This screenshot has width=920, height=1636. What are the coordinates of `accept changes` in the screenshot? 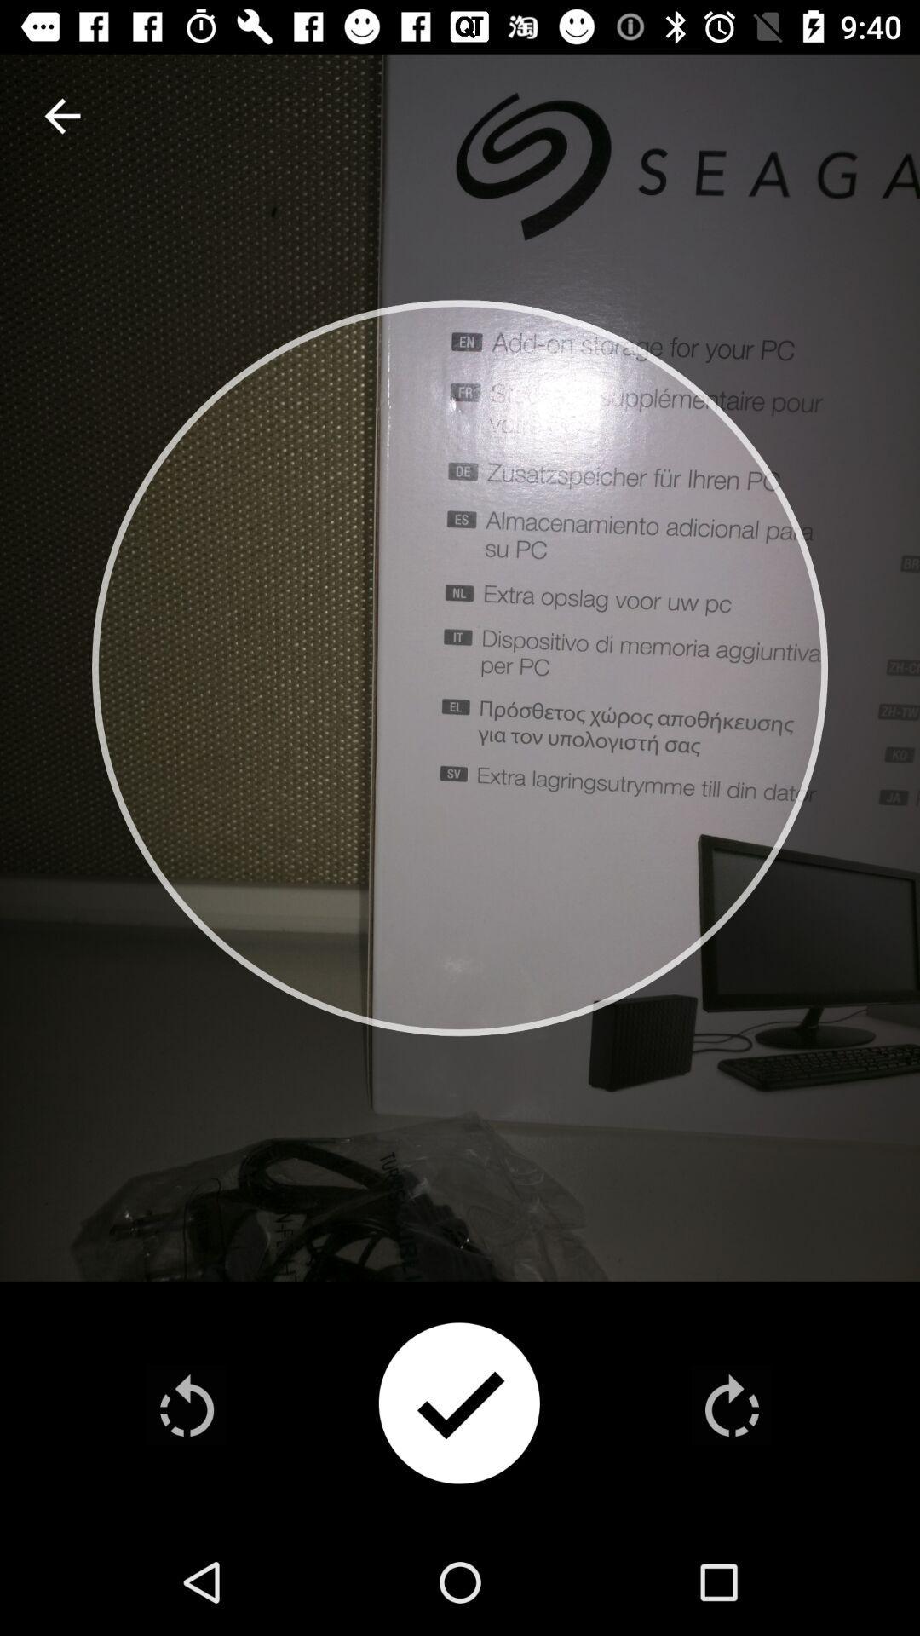 It's located at (458, 1405).